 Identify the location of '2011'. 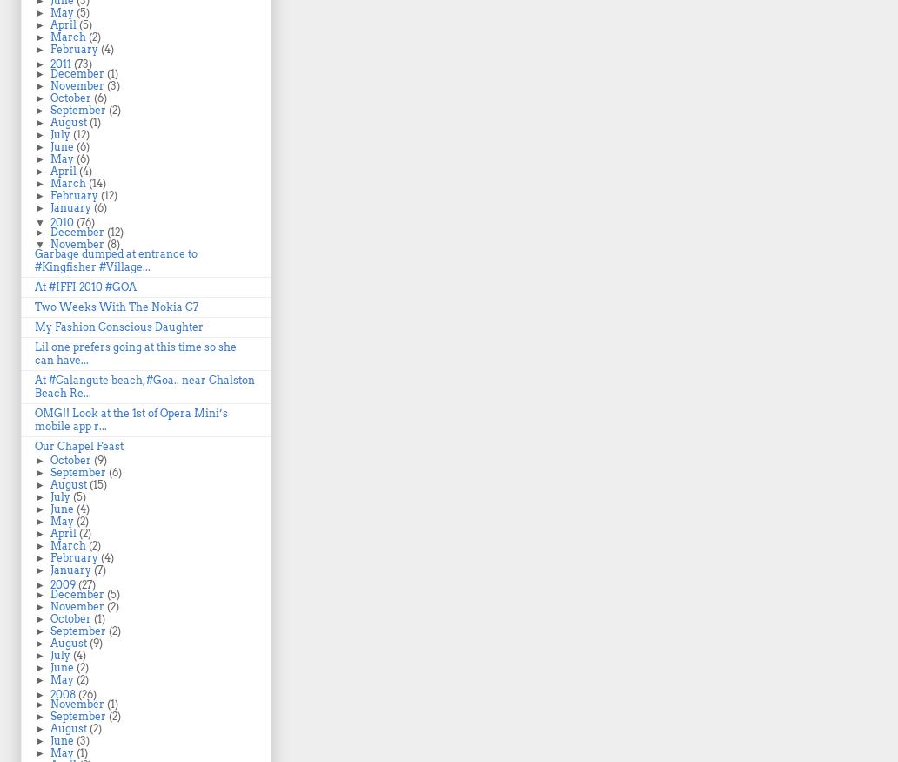
(61, 64).